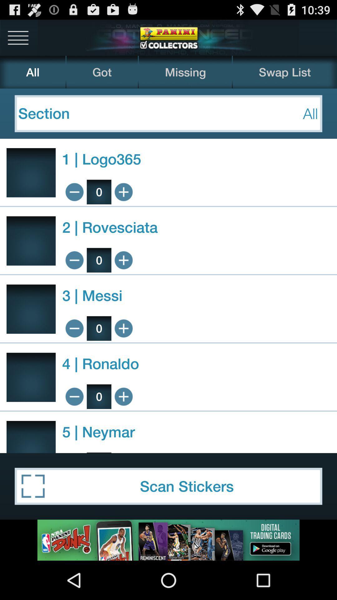 This screenshot has height=600, width=337. Describe the element at coordinates (74, 192) in the screenshot. I see `minimize maximize minus plus` at that location.